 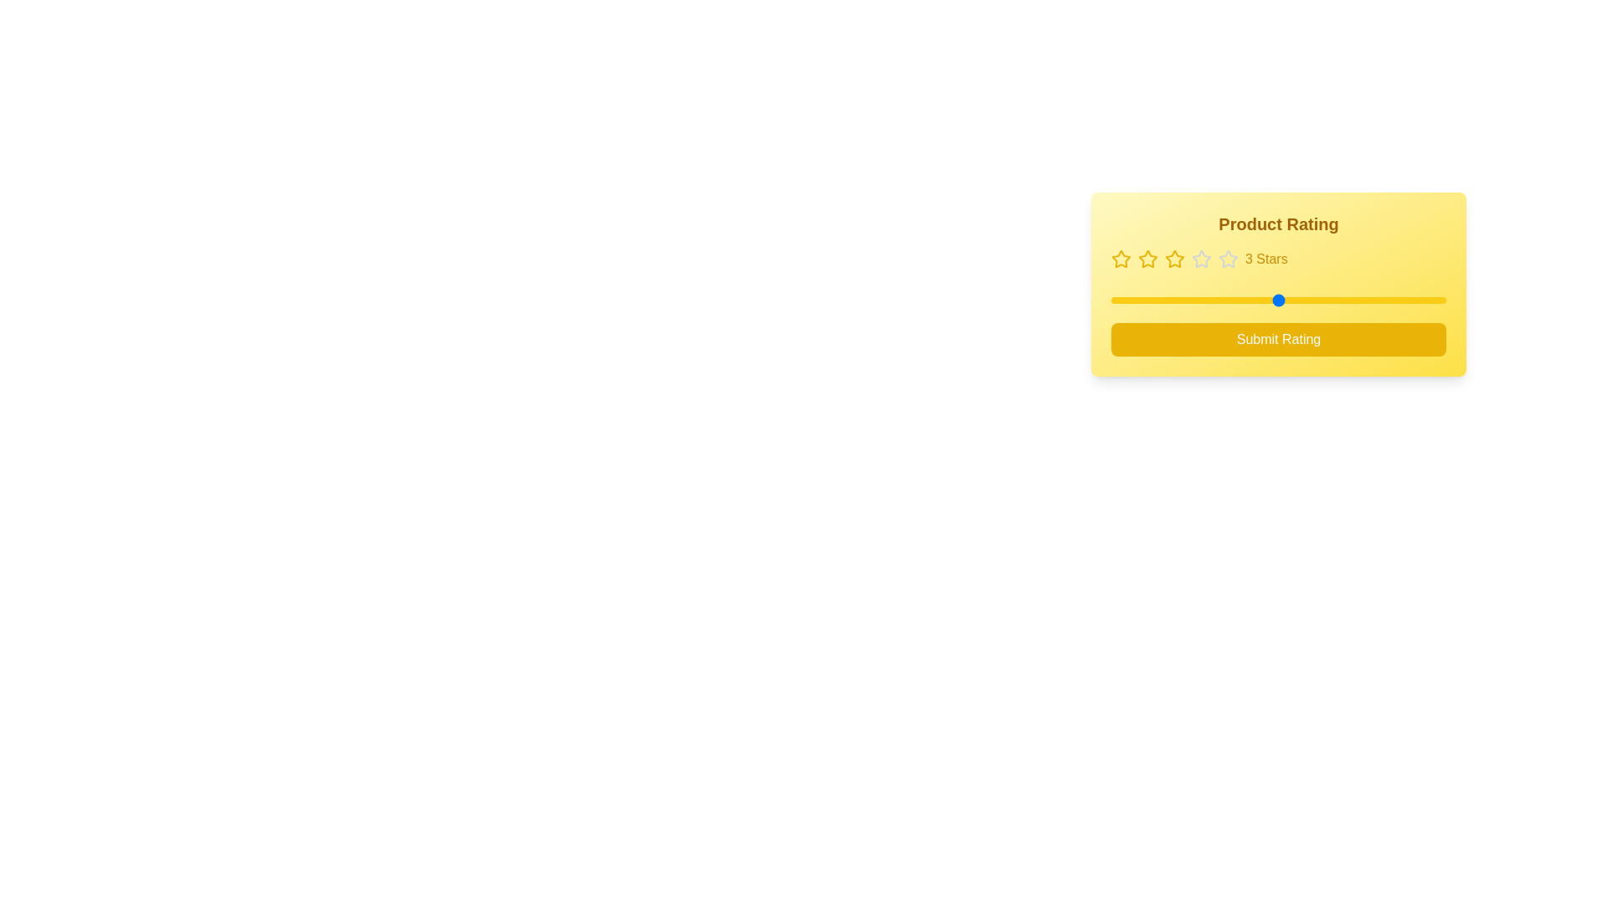 What do you see at coordinates (1147, 259) in the screenshot?
I see `the third yellow star icon` at bounding box center [1147, 259].